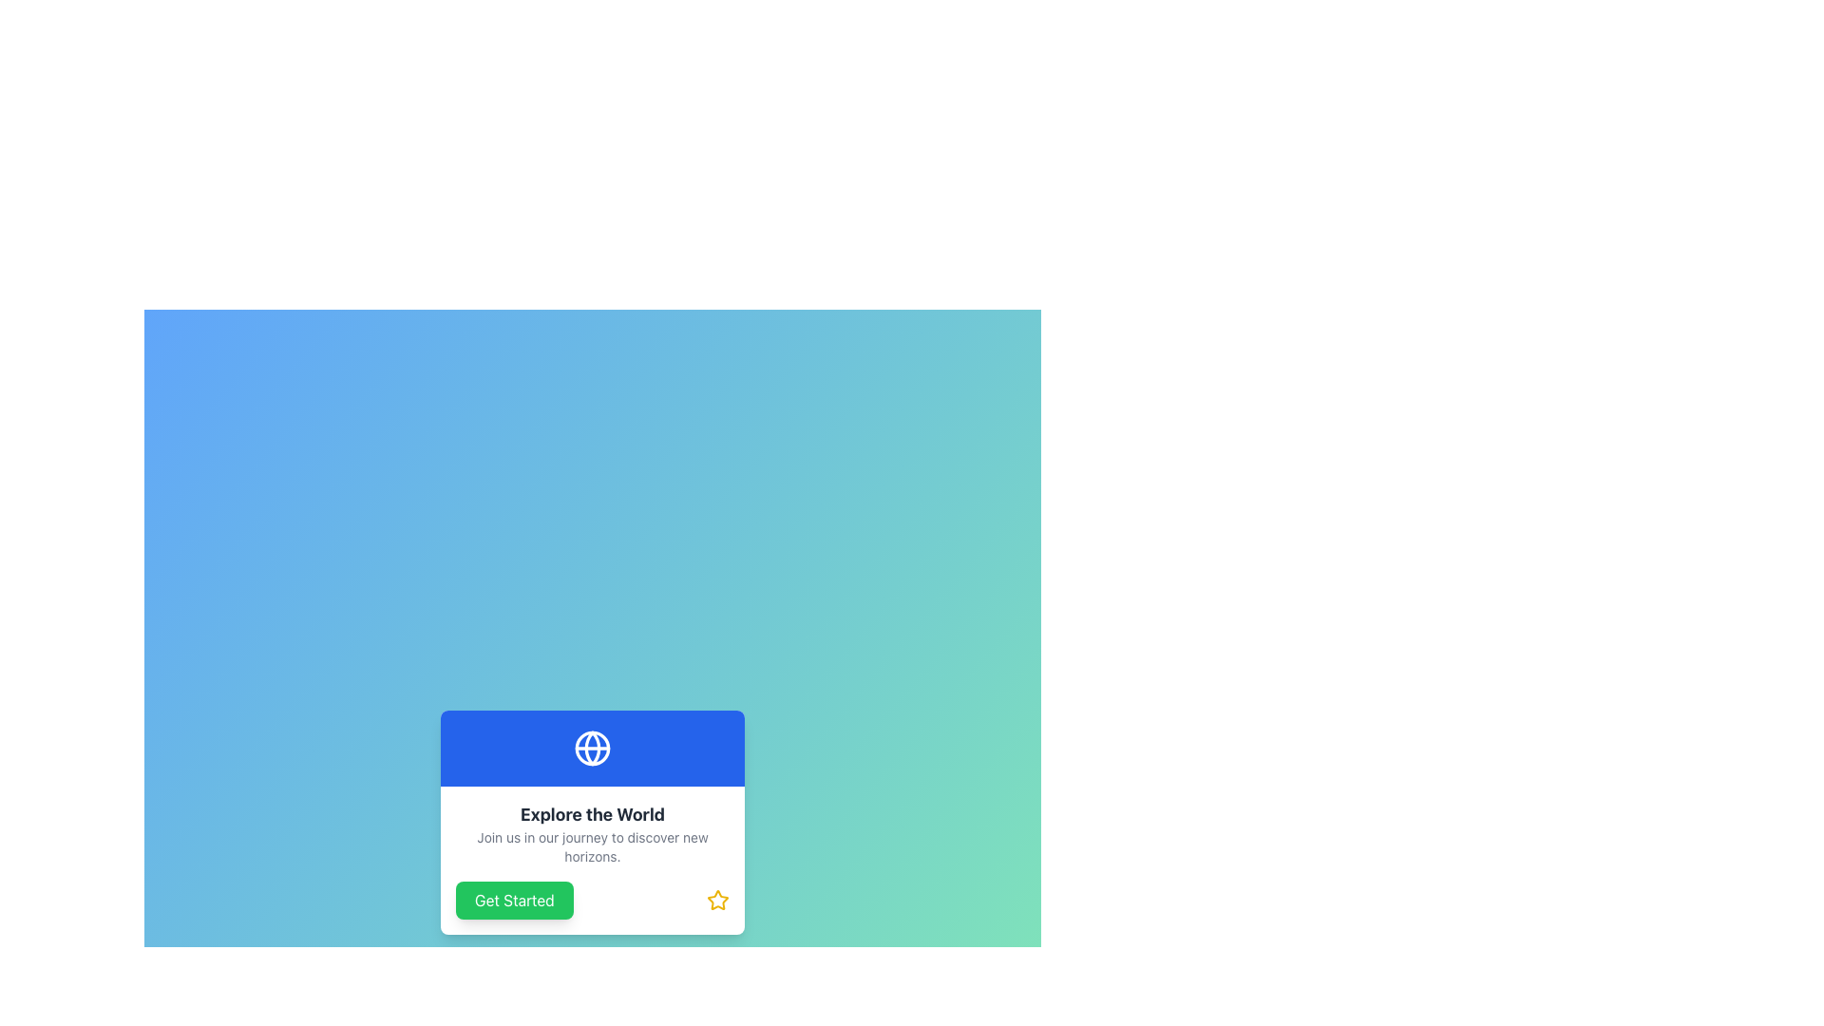 This screenshot has width=1824, height=1026. What do you see at coordinates (716, 899) in the screenshot?
I see `the icon located in the bottom right corner of the card interface that contains the title 'Explore the World' and the green button labeled 'Get Started'` at bounding box center [716, 899].